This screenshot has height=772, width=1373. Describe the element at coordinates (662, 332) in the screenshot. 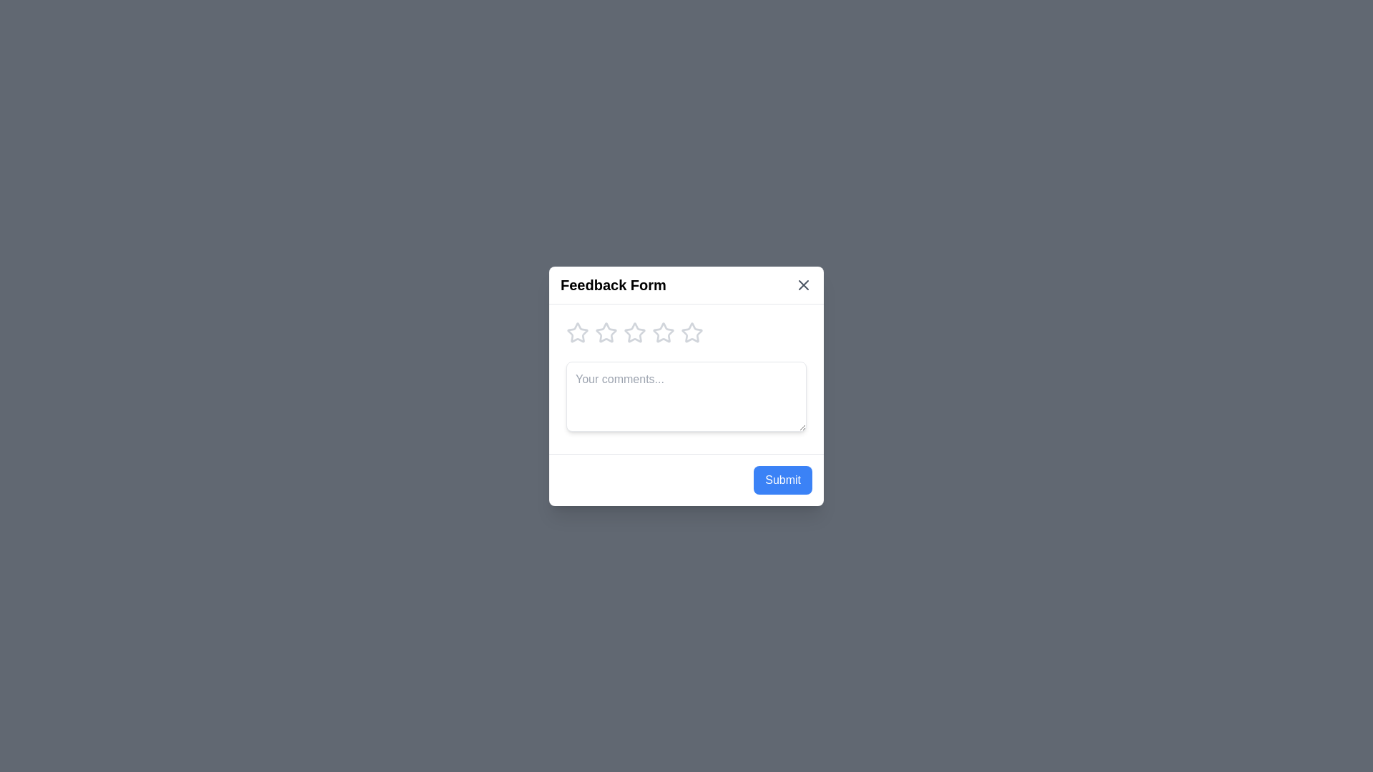

I see `the star corresponding to the desired rating of 4` at that location.